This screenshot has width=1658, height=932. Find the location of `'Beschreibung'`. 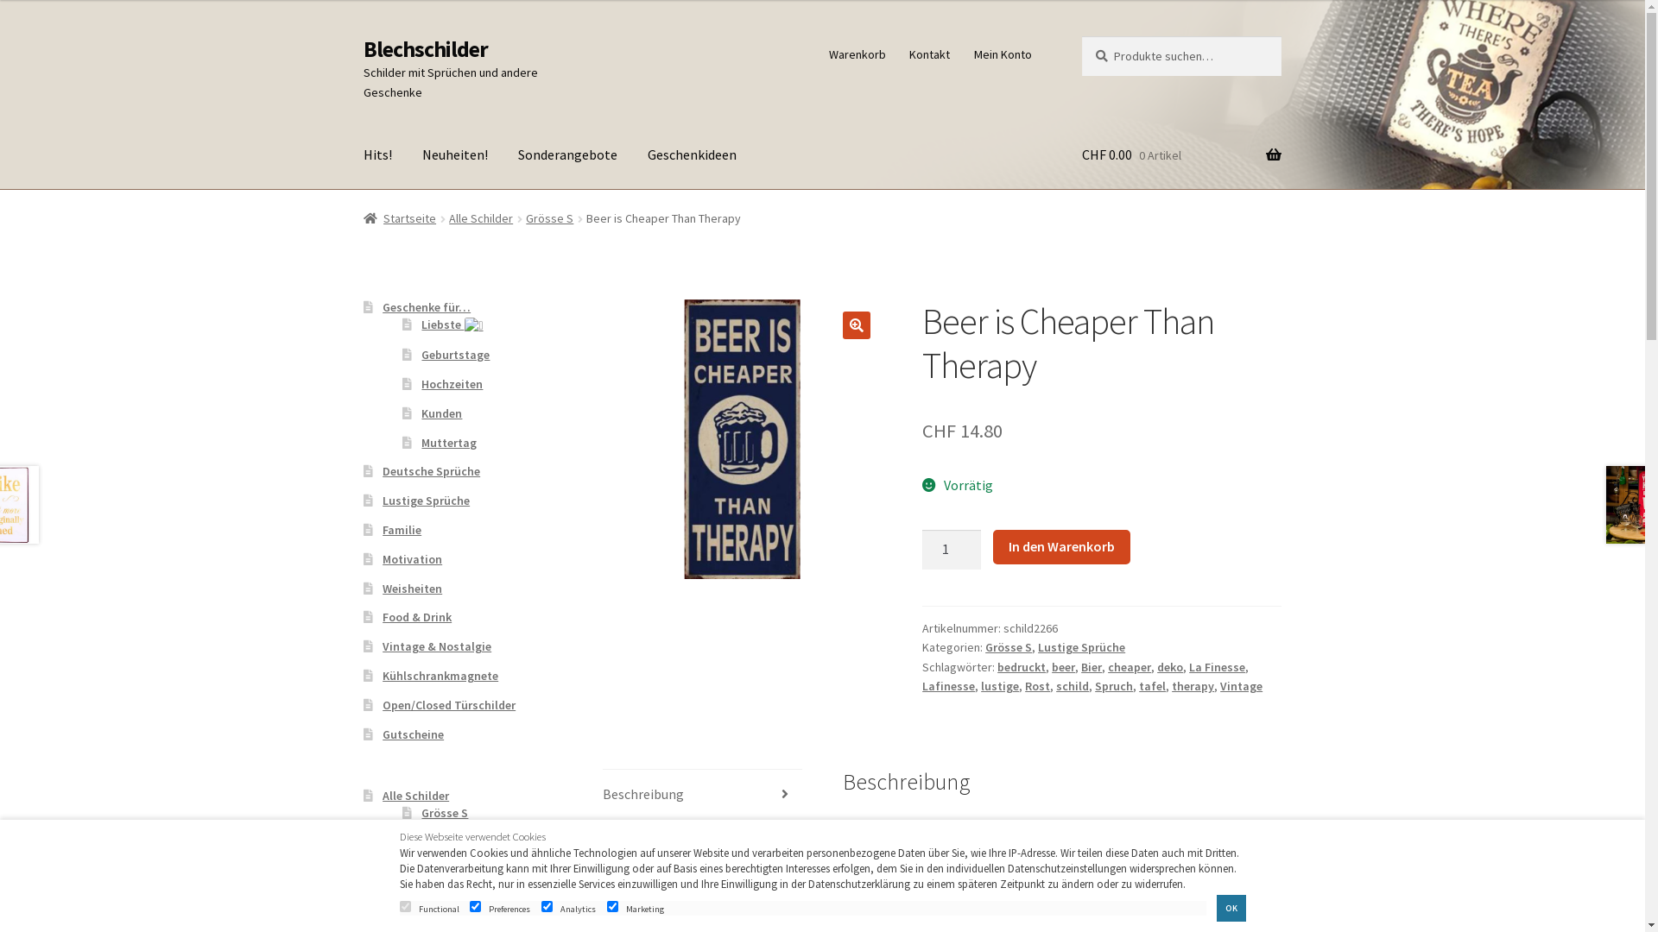

'Beschreibung' is located at coordinates (702, 795).